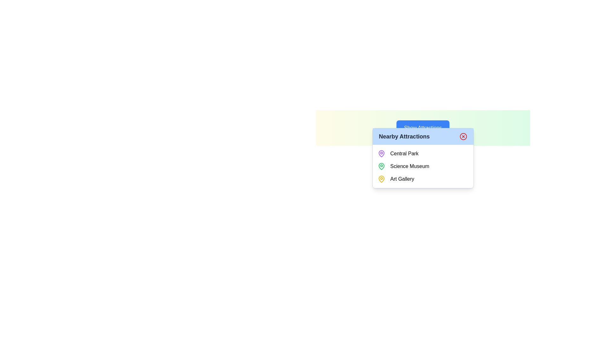 This screenshot has width=609, height=343. What do you see at coordinates (409, 166) in the screenshot?
I see `the text label for the 'Science Museum' in the dropdown menu` at bounding box center [409, 166].